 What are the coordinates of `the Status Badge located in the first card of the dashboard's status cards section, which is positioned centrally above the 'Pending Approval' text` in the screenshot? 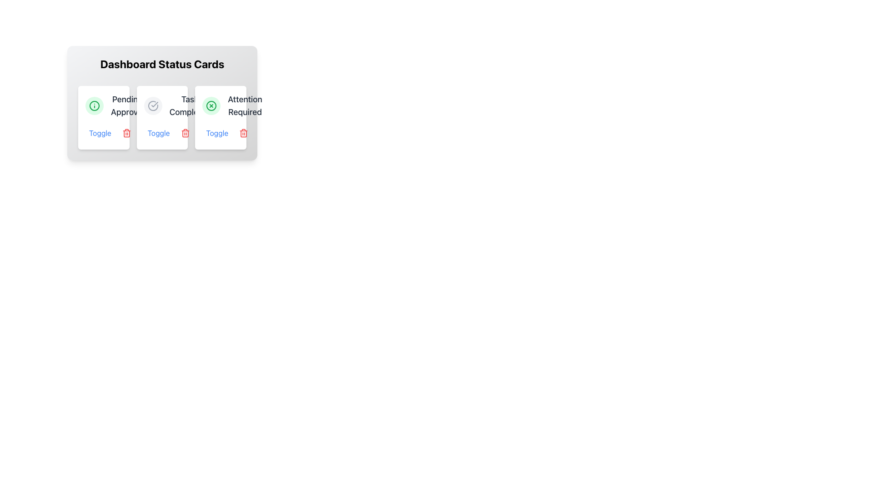 It's located at (94, 105).